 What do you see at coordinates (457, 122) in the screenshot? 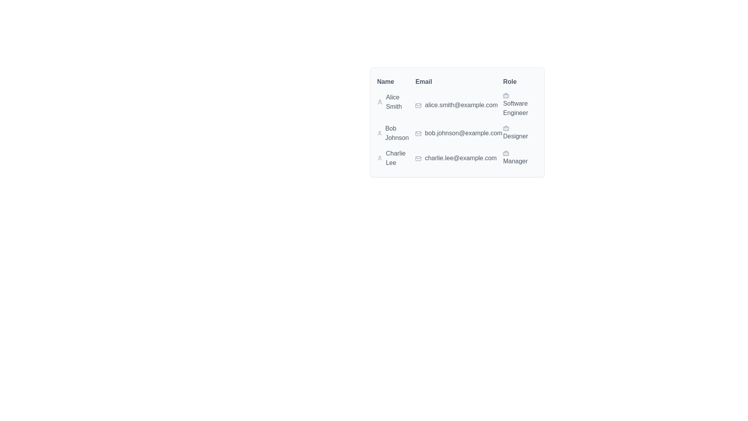
I see `the email addresses in the Data Table, which are displayed as links in the second column labeled 'Email'` at bounding box center [457, 122].